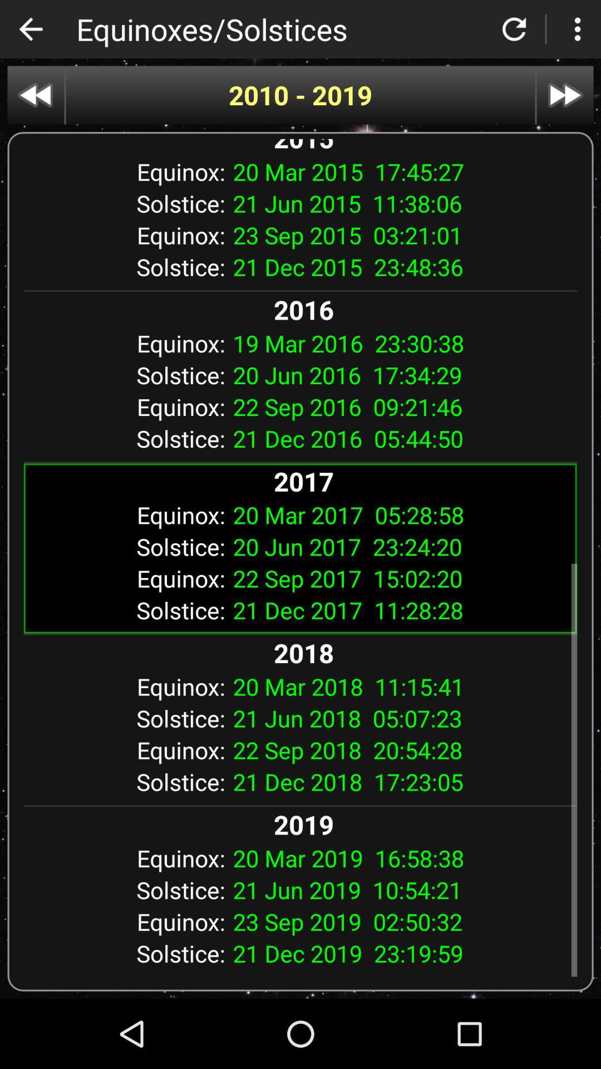  What do you see at coordinates (514, 29) in the screenshot?
I see `refresh page` at bounding box center [514, 29].